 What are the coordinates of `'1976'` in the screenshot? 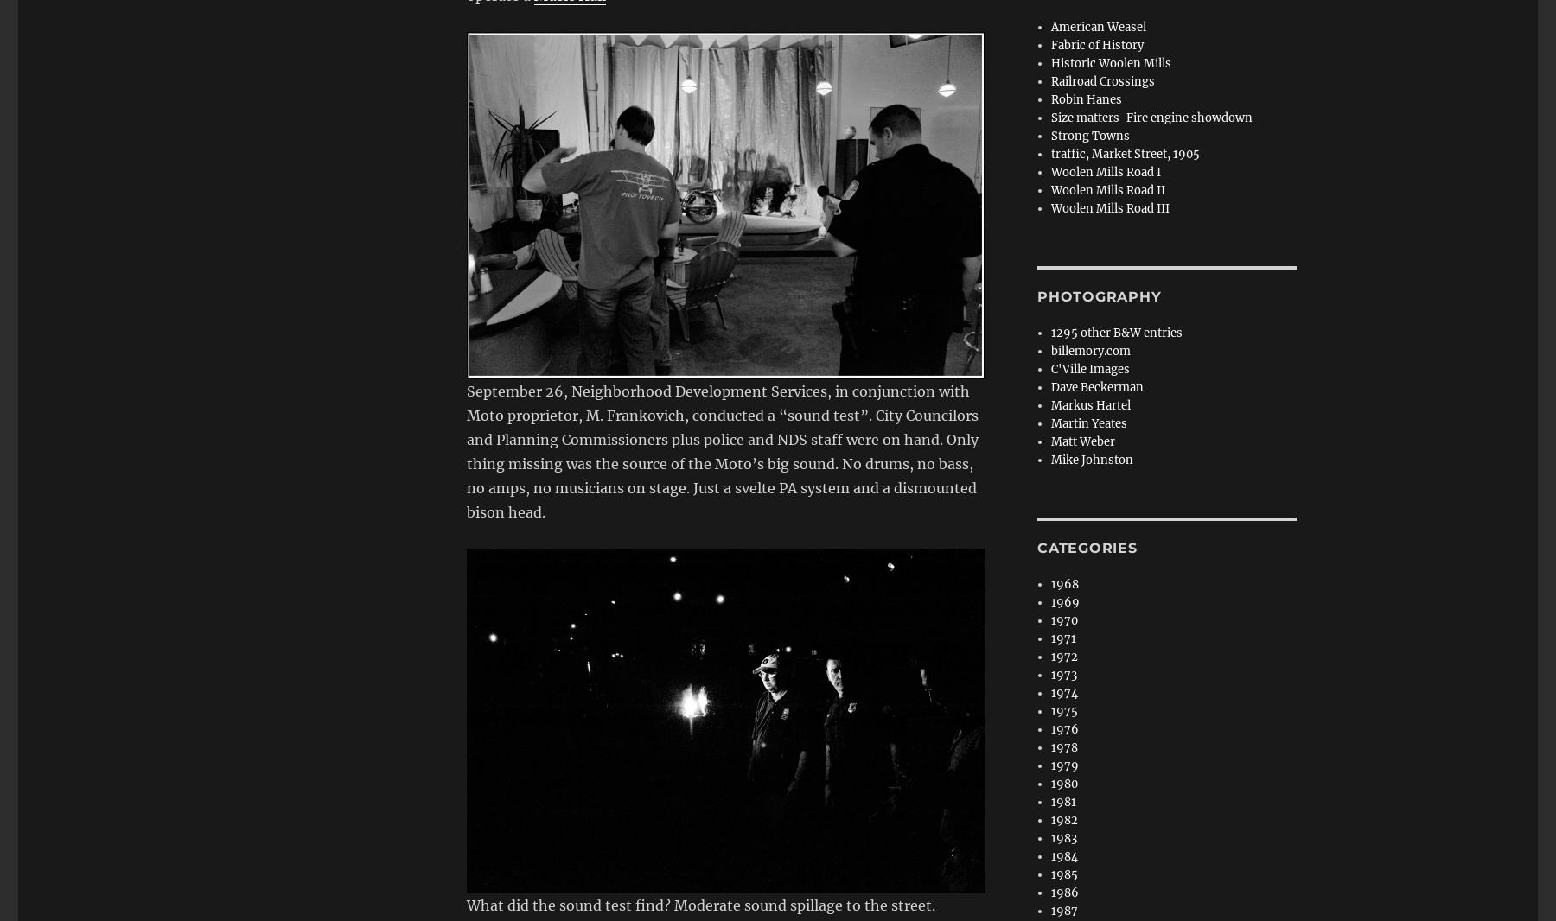 It's located at (1063, 729).